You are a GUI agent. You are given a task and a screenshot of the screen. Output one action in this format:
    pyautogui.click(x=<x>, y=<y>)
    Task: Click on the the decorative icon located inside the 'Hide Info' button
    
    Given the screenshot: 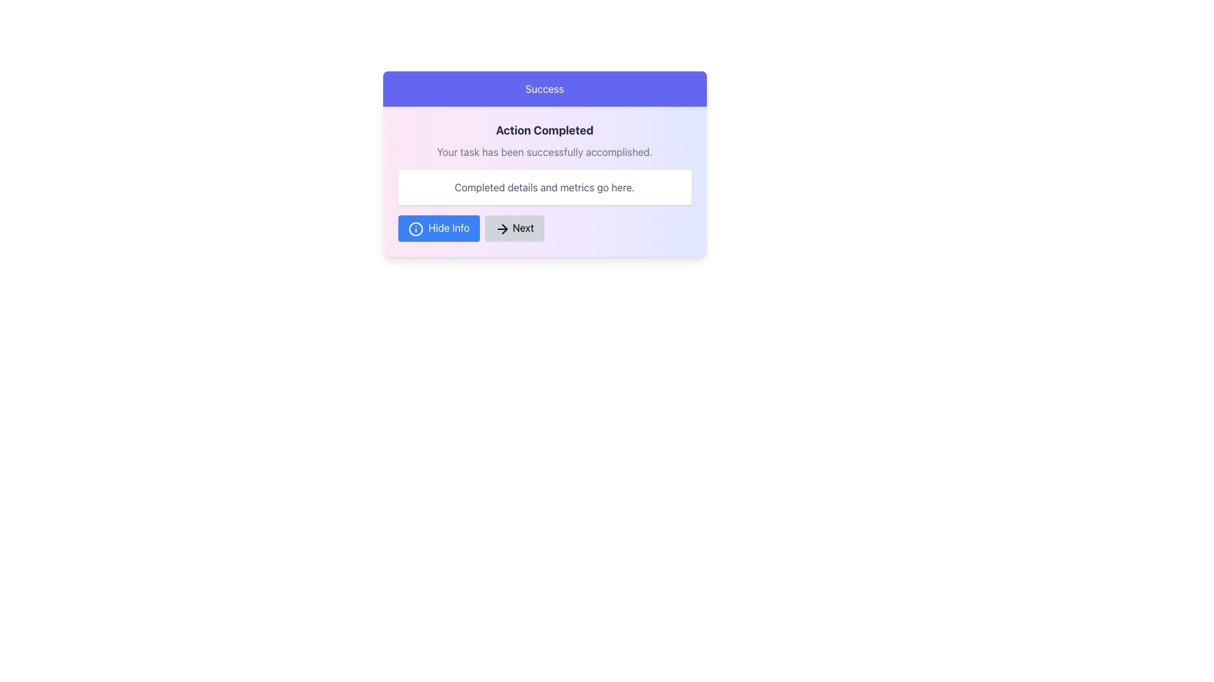 What is the action you would take?
    pyautogui.click(x=415, y=229)
    